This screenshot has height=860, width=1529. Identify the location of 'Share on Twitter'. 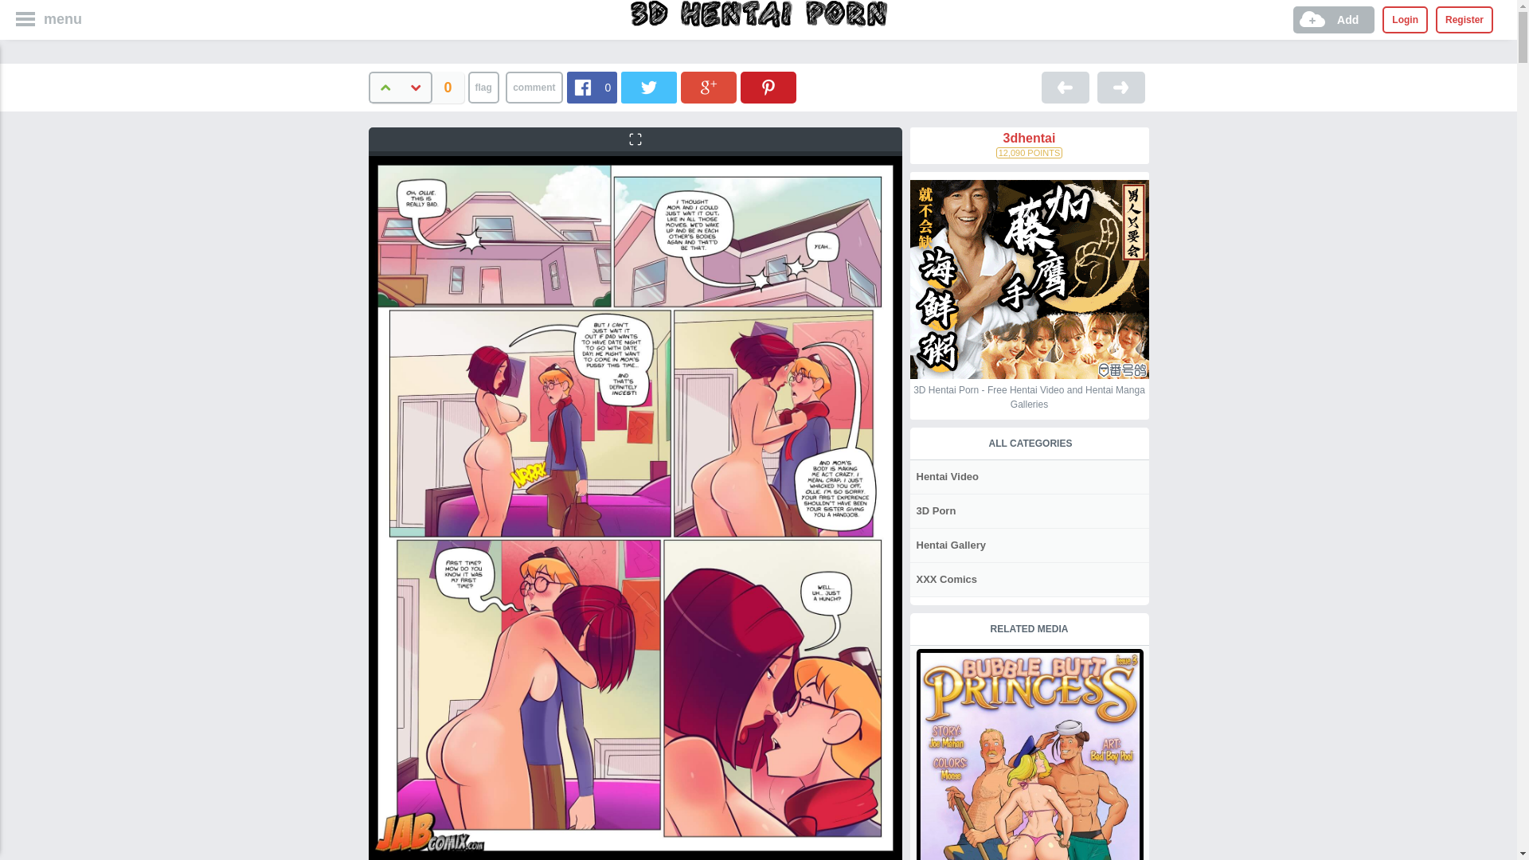
(649, 88).